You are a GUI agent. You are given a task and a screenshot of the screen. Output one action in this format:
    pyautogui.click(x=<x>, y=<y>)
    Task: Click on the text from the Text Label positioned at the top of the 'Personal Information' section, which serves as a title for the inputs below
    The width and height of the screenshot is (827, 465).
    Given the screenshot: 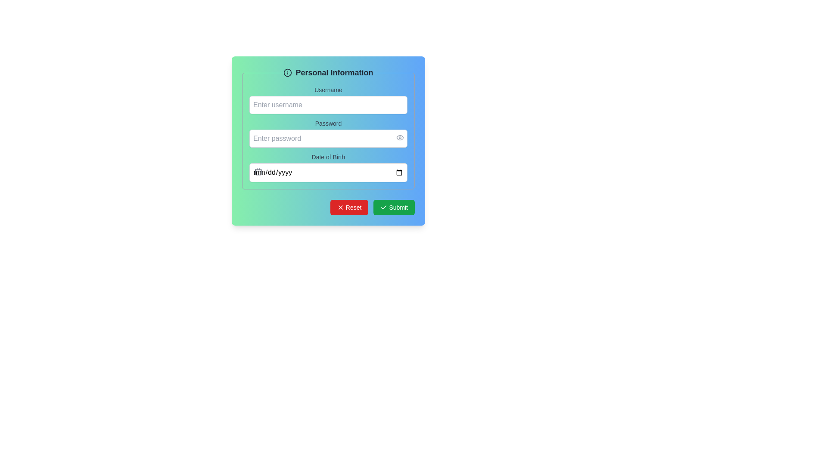 What is the action you would take?
    pyautogui.click(x=328, y=72)
    